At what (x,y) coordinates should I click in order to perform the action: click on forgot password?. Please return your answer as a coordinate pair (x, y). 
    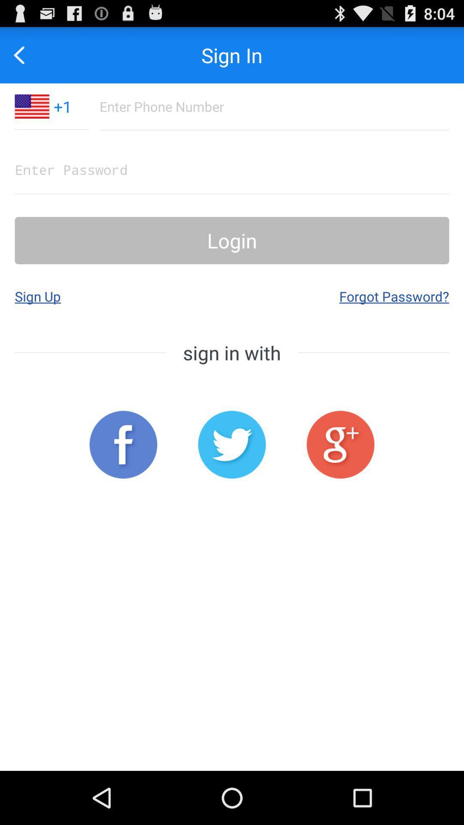
    Looking at the image, I should click on (394, 296).